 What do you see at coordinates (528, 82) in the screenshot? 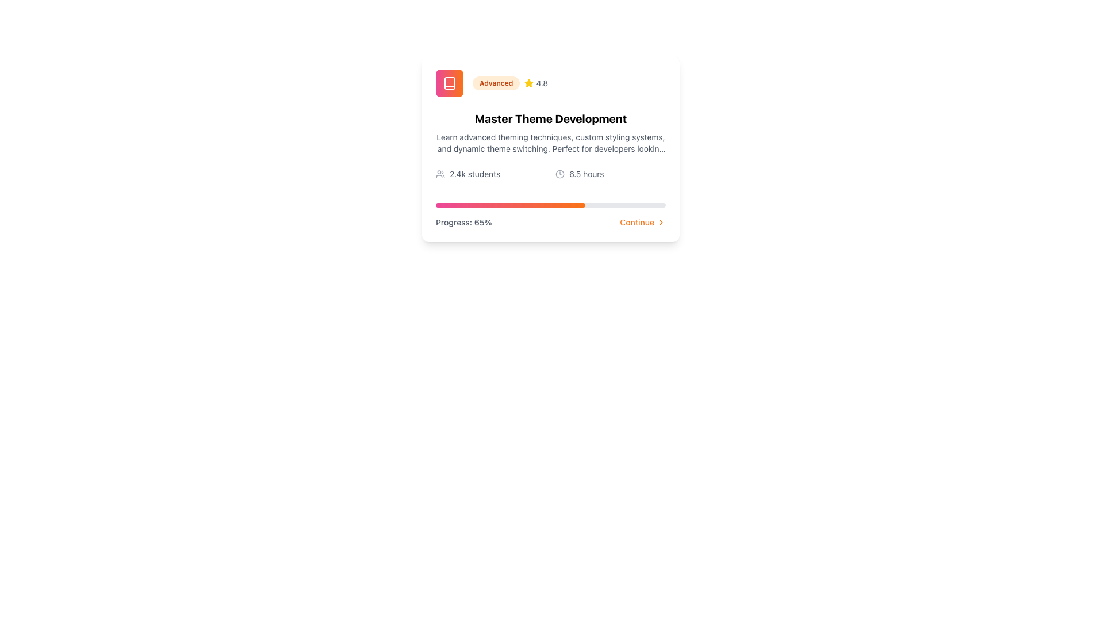
I see `assistive tools` at bounding box center [528, 82].